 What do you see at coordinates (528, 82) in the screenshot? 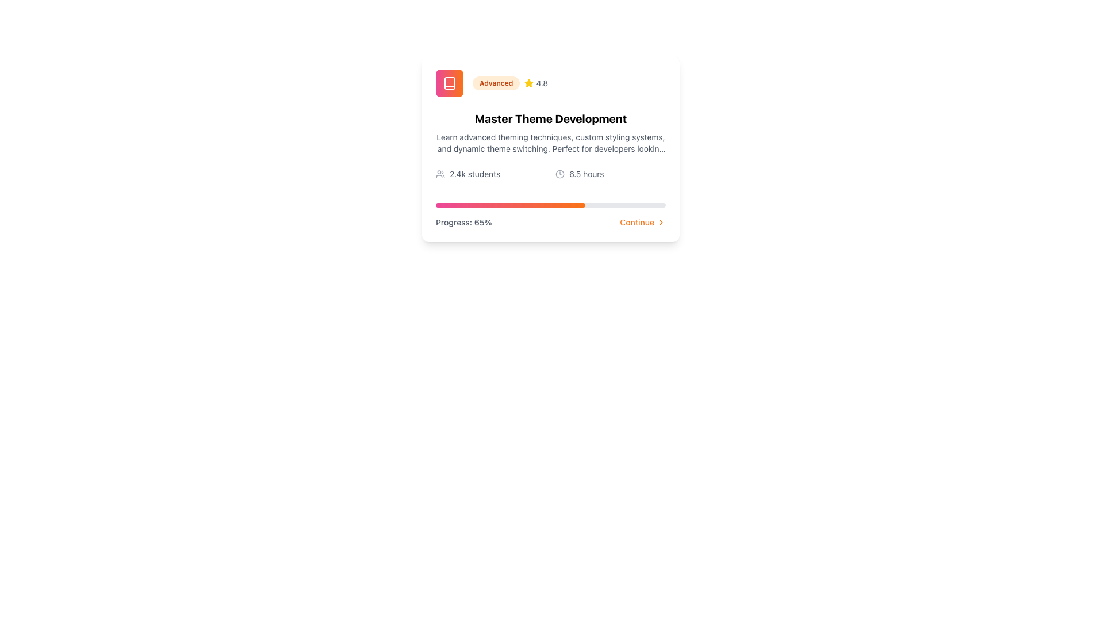
I see `assistive tools` at bounding box center [528, 82].